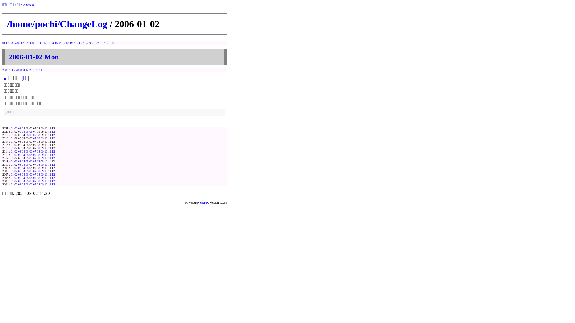 The height and width of the screenshot is (323, 575). What do you see at coordinates (56, 42) in the screenshot?
I see `'15'` at bounding box center [56, 42].